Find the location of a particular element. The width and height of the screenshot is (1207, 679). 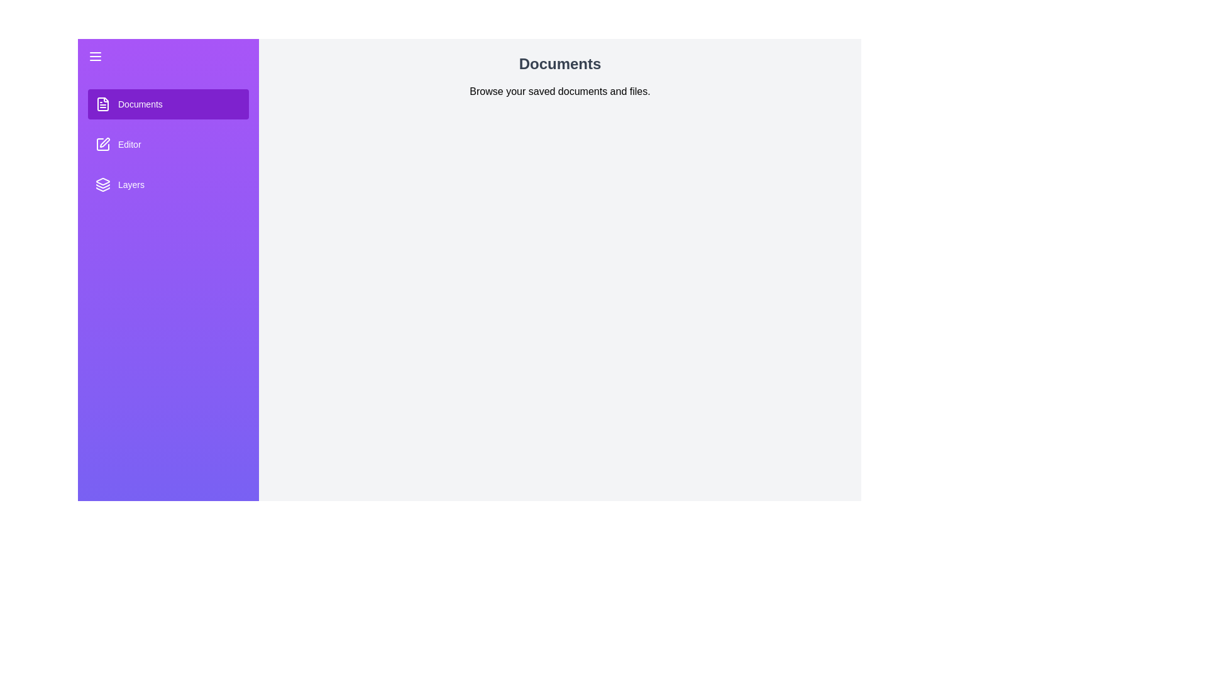

the section icon for Layers to inspect it is located at coordinates (102, 184).